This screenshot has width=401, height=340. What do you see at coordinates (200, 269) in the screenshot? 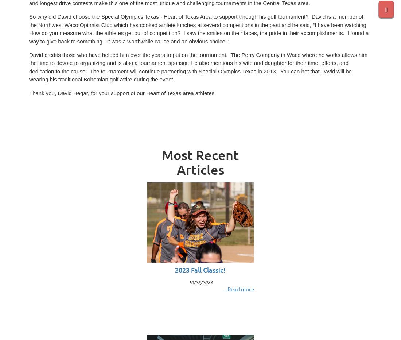
I see `'2023 Fall Classic!'` at bounding box center [200, 269].